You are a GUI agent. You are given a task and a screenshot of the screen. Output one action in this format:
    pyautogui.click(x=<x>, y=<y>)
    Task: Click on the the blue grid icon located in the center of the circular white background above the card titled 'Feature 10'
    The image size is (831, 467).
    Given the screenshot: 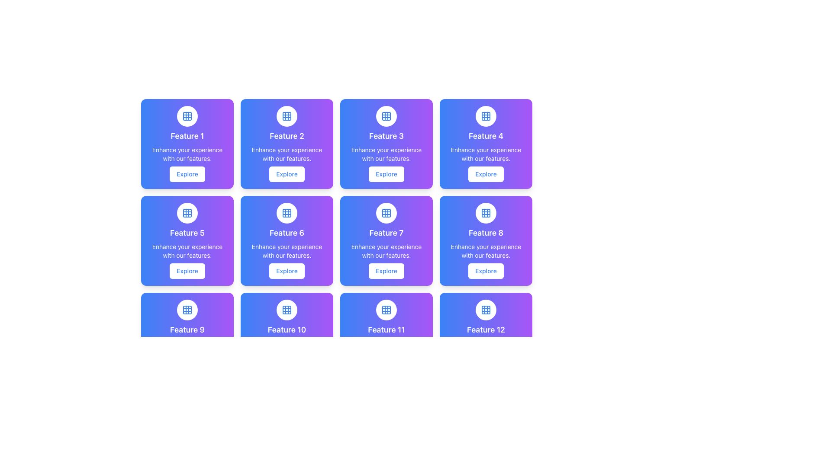 What is the action you would take?
    pyautogui.click(x=287, y=310)
    